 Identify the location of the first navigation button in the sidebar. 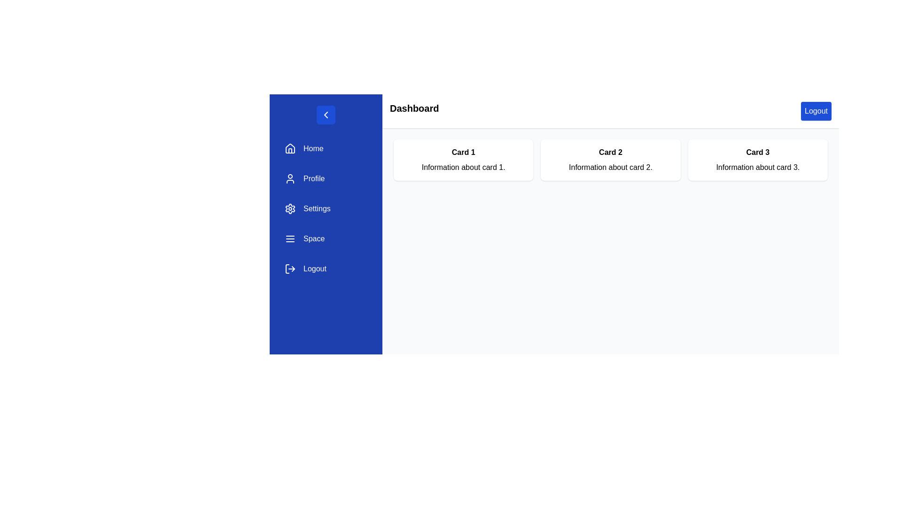
(326, 148).